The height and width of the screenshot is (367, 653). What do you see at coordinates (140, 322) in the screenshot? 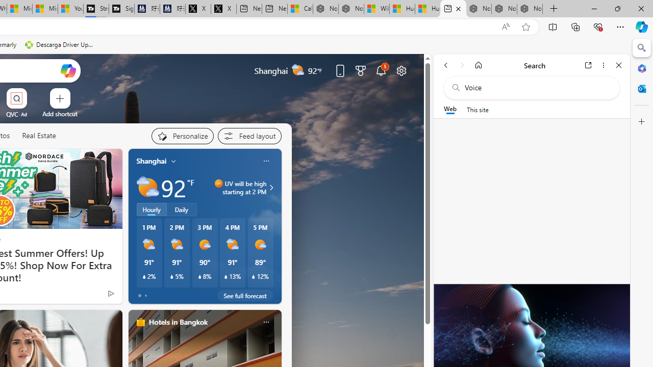
I see `'hotels-header-icon'` at bounding box center [140, 322].